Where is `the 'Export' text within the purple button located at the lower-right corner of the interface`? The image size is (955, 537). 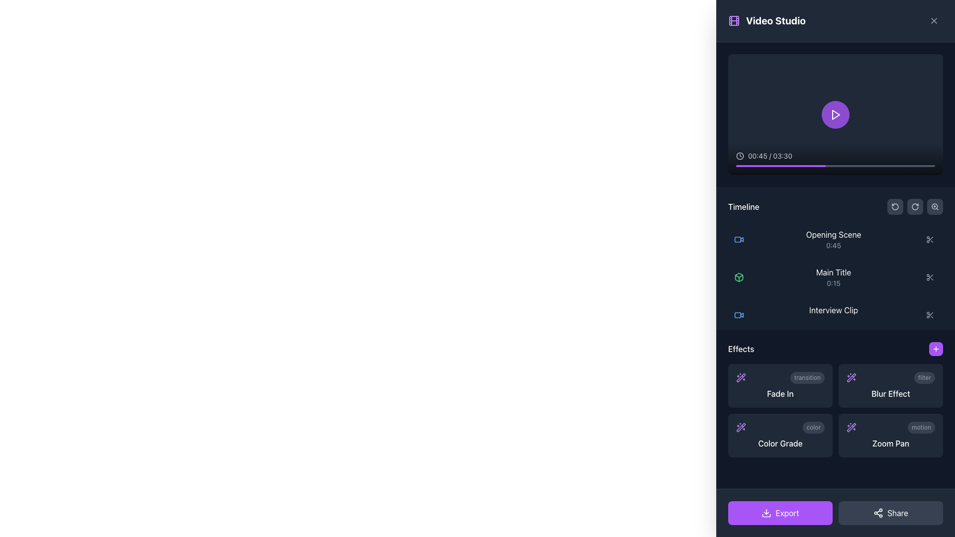 the 'Export' text within the purple button located at the lower-right corner of the interface is located at coordinates (787, 513).